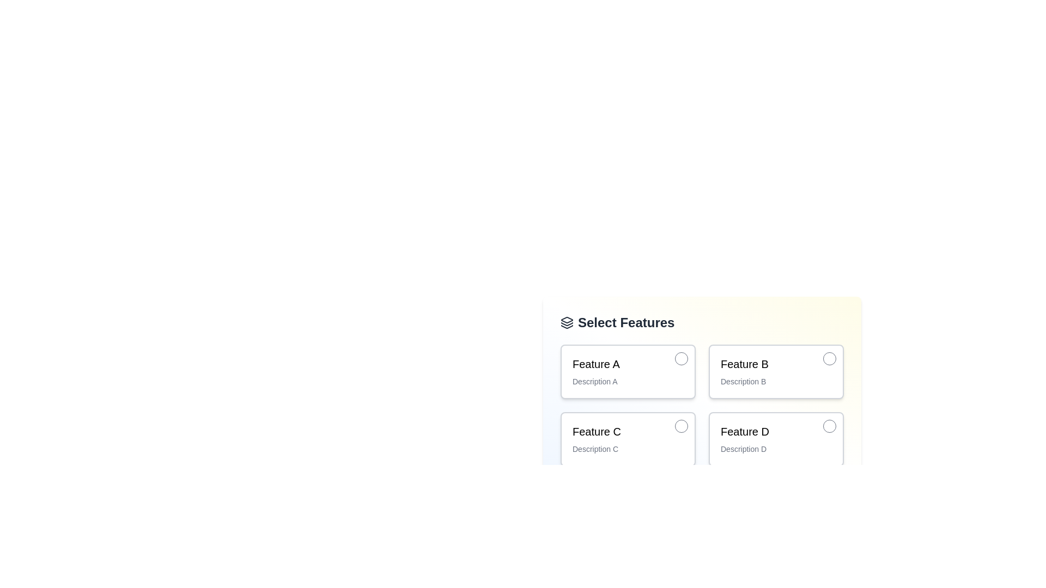  Describe the element at coordinates (567, 319) in the screenshot. I see `the stylized icon resembling a layered structure located in the top-left corner of the 'Select Features' section` at that location.